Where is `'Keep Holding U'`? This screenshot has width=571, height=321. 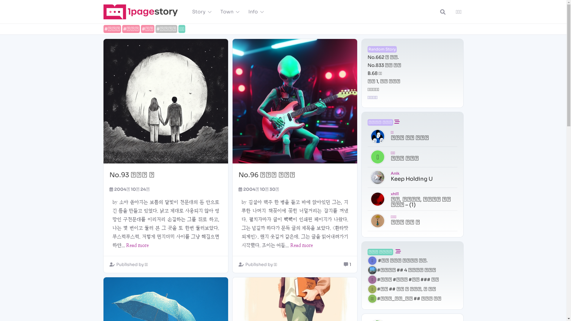
'Keep Holding U' is located at coordinates (411, 178).